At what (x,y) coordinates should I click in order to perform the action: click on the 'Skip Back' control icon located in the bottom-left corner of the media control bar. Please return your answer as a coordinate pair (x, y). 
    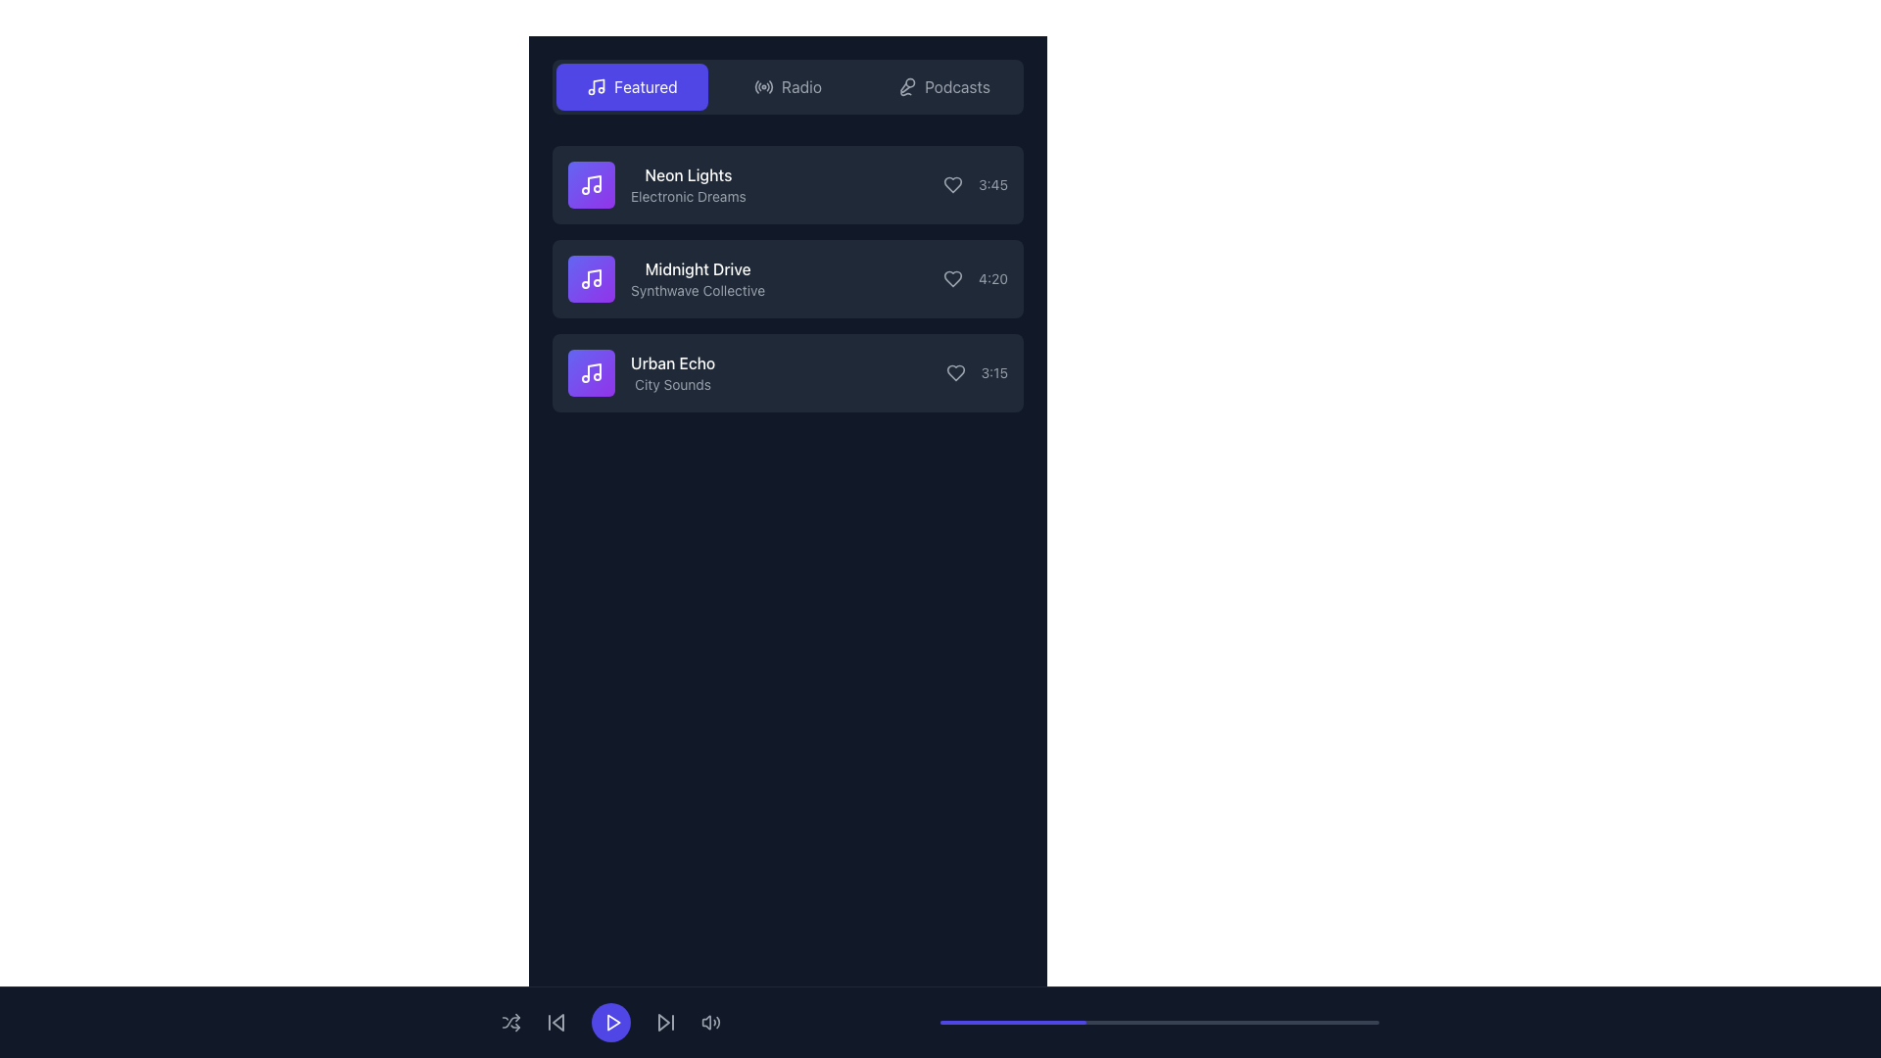
    Looking at the image, I should click on (557, 1022).